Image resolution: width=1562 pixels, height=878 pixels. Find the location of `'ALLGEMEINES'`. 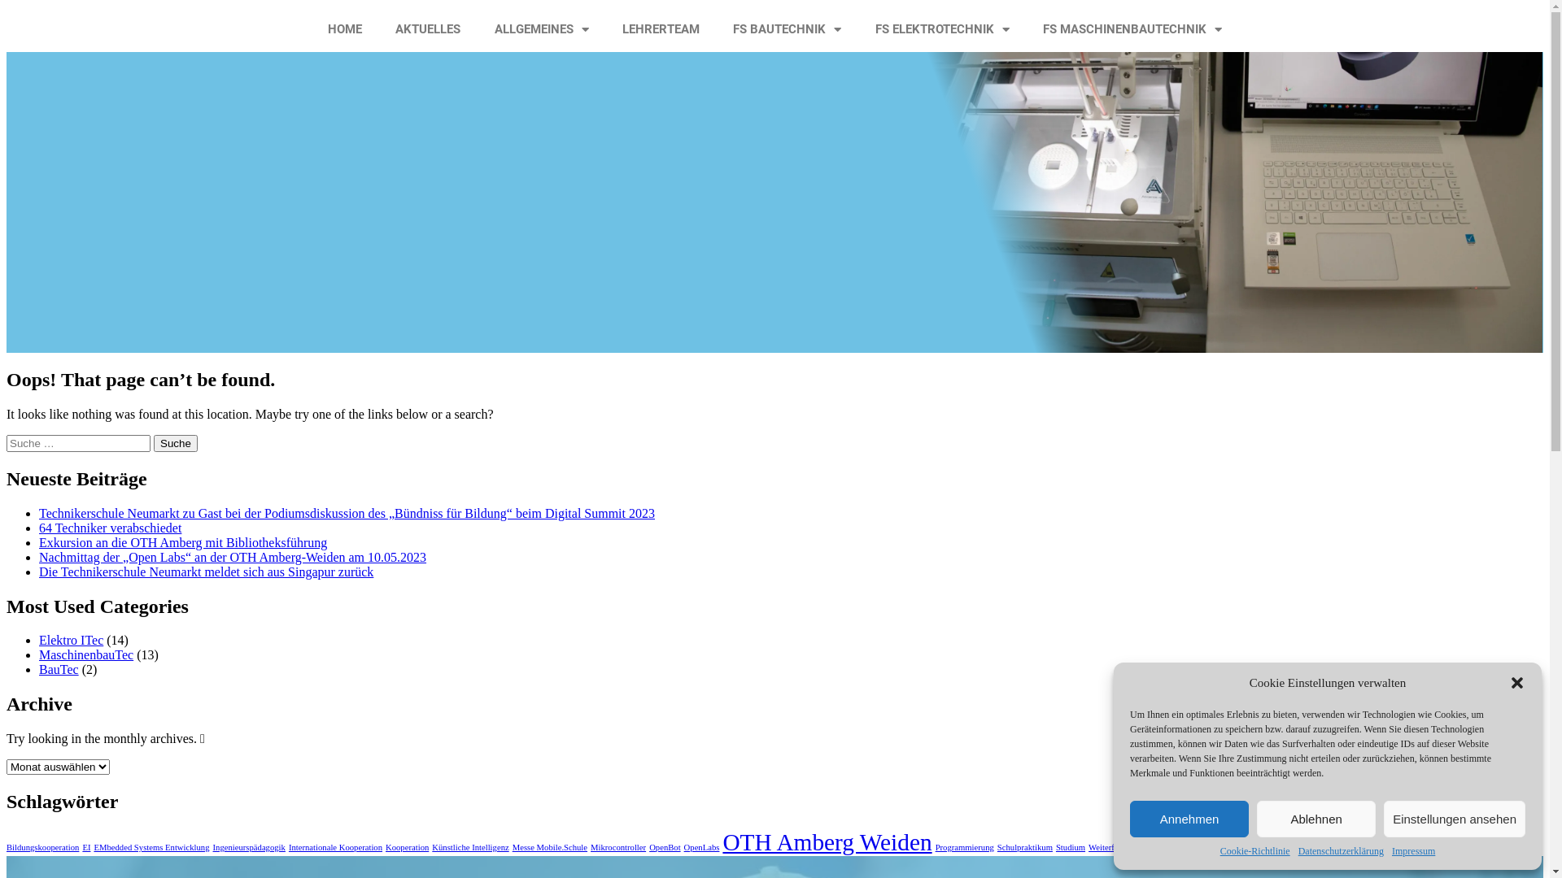

'ALLGEMEINES' is located at coordinates (541, 28).